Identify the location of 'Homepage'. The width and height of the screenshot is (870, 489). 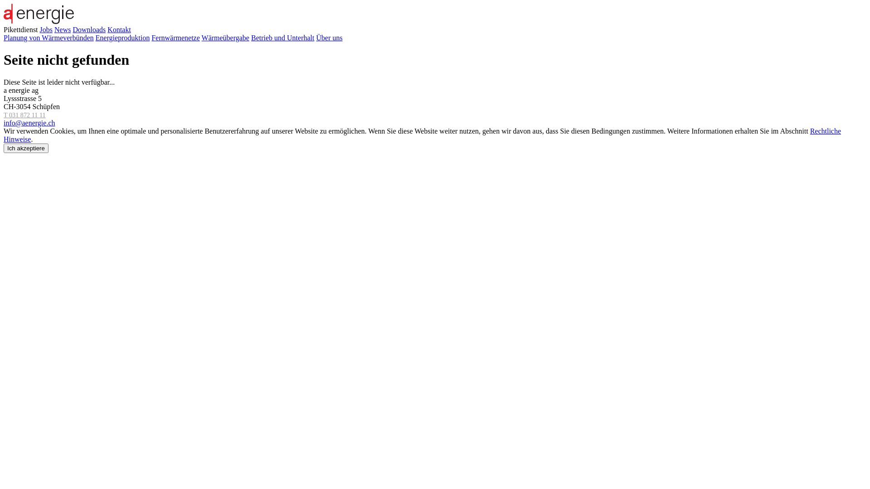
(38, 21).